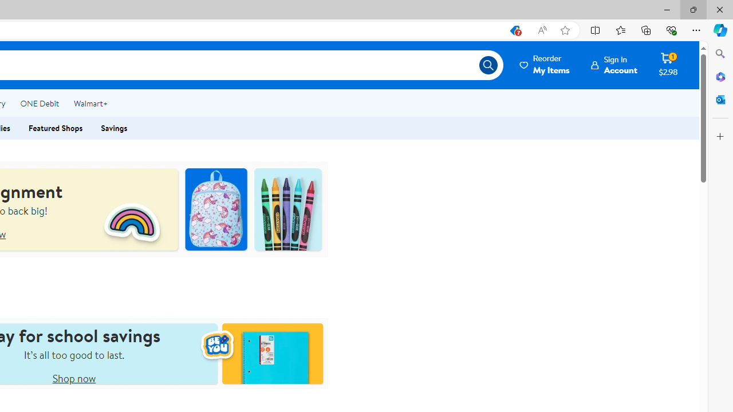 The width and height of the screenshot is (733, 412). I want to click on 'This site has coupons! Shopping in Microsoft Edge, 7', so click(514, 30).